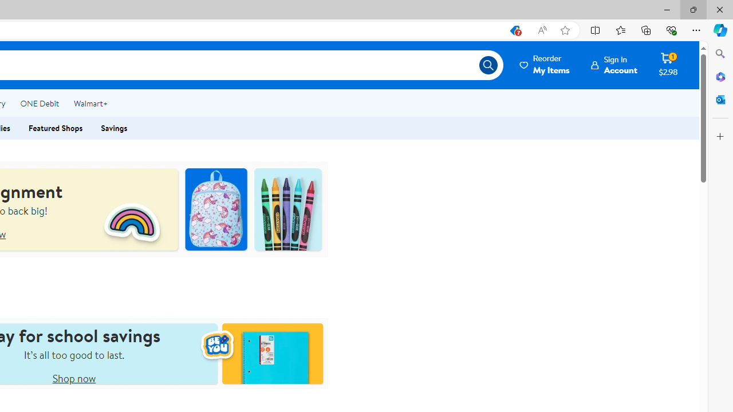 The width and height of the screenshot is (733, 412). I want to click on 'This site has coupons! Shopping in Microsoft Edge, 7', so click(514, 30).